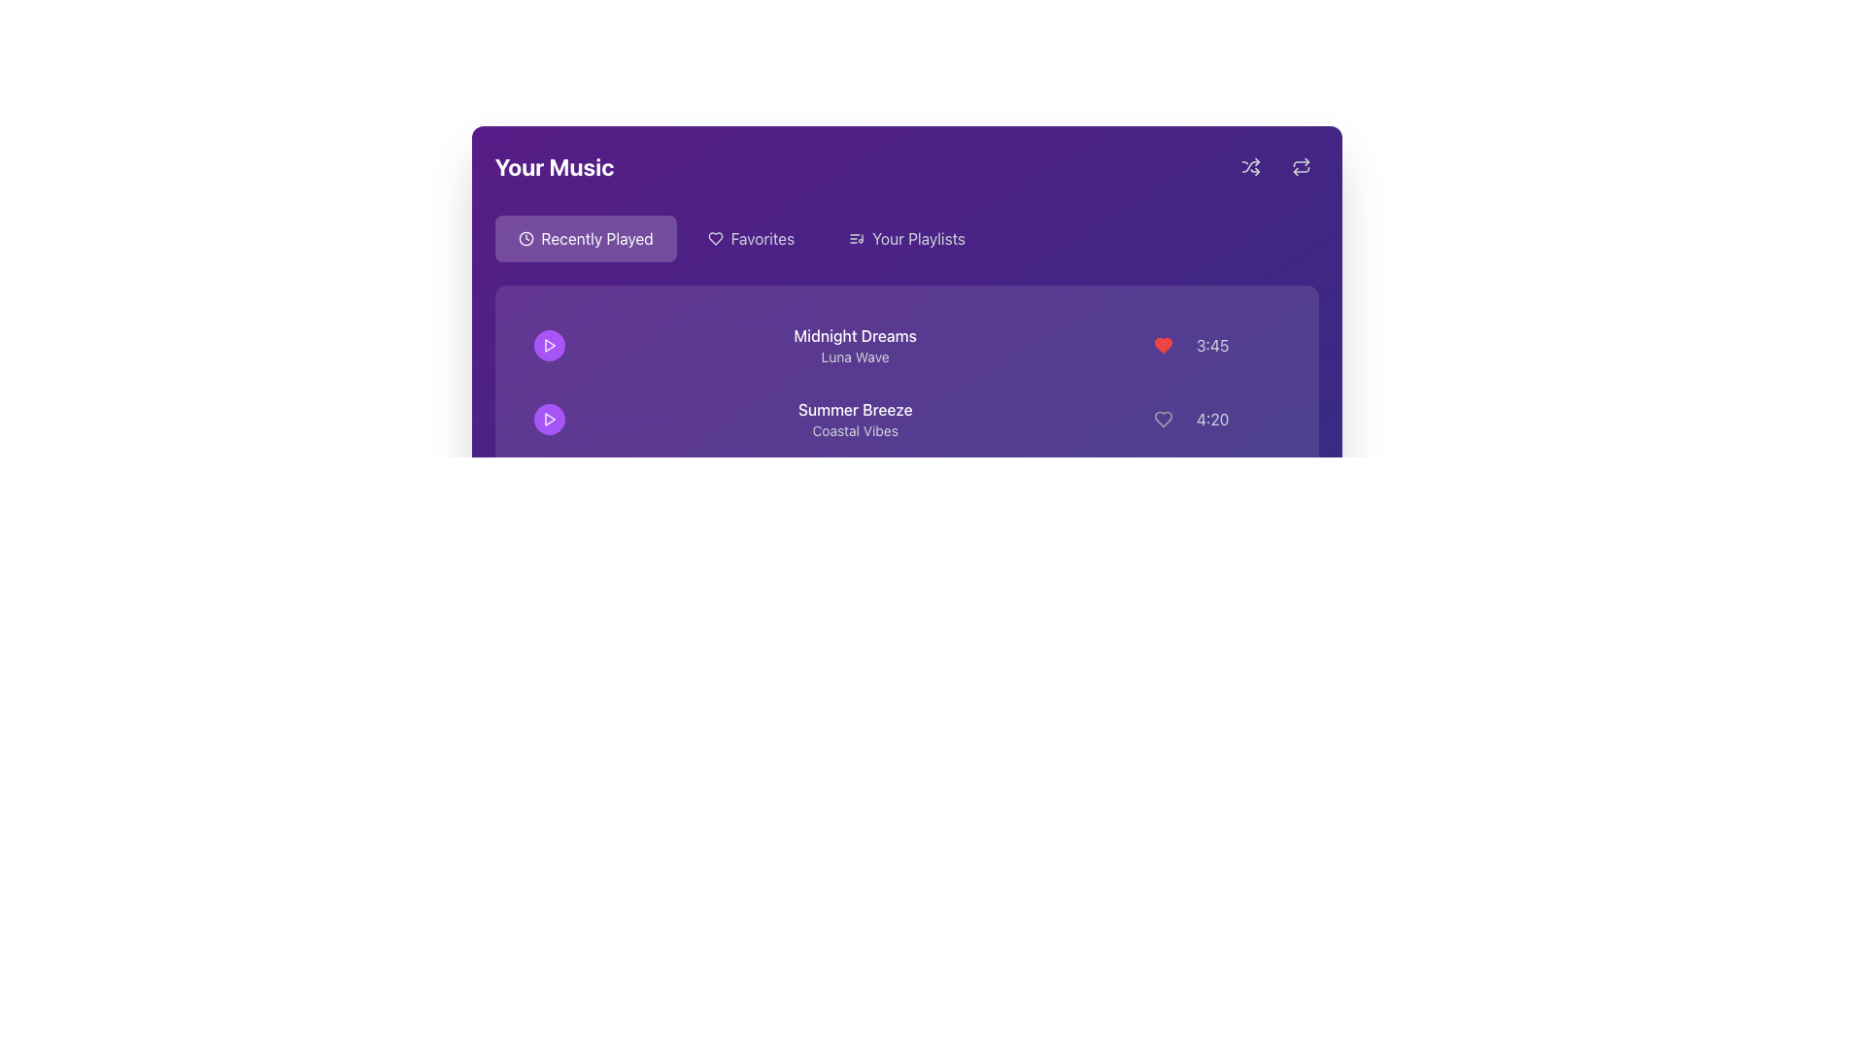  I want to click on the shuffle icon button, which features intertwined arrows and is located in the top right corner of the interface, so click(1250, 166).